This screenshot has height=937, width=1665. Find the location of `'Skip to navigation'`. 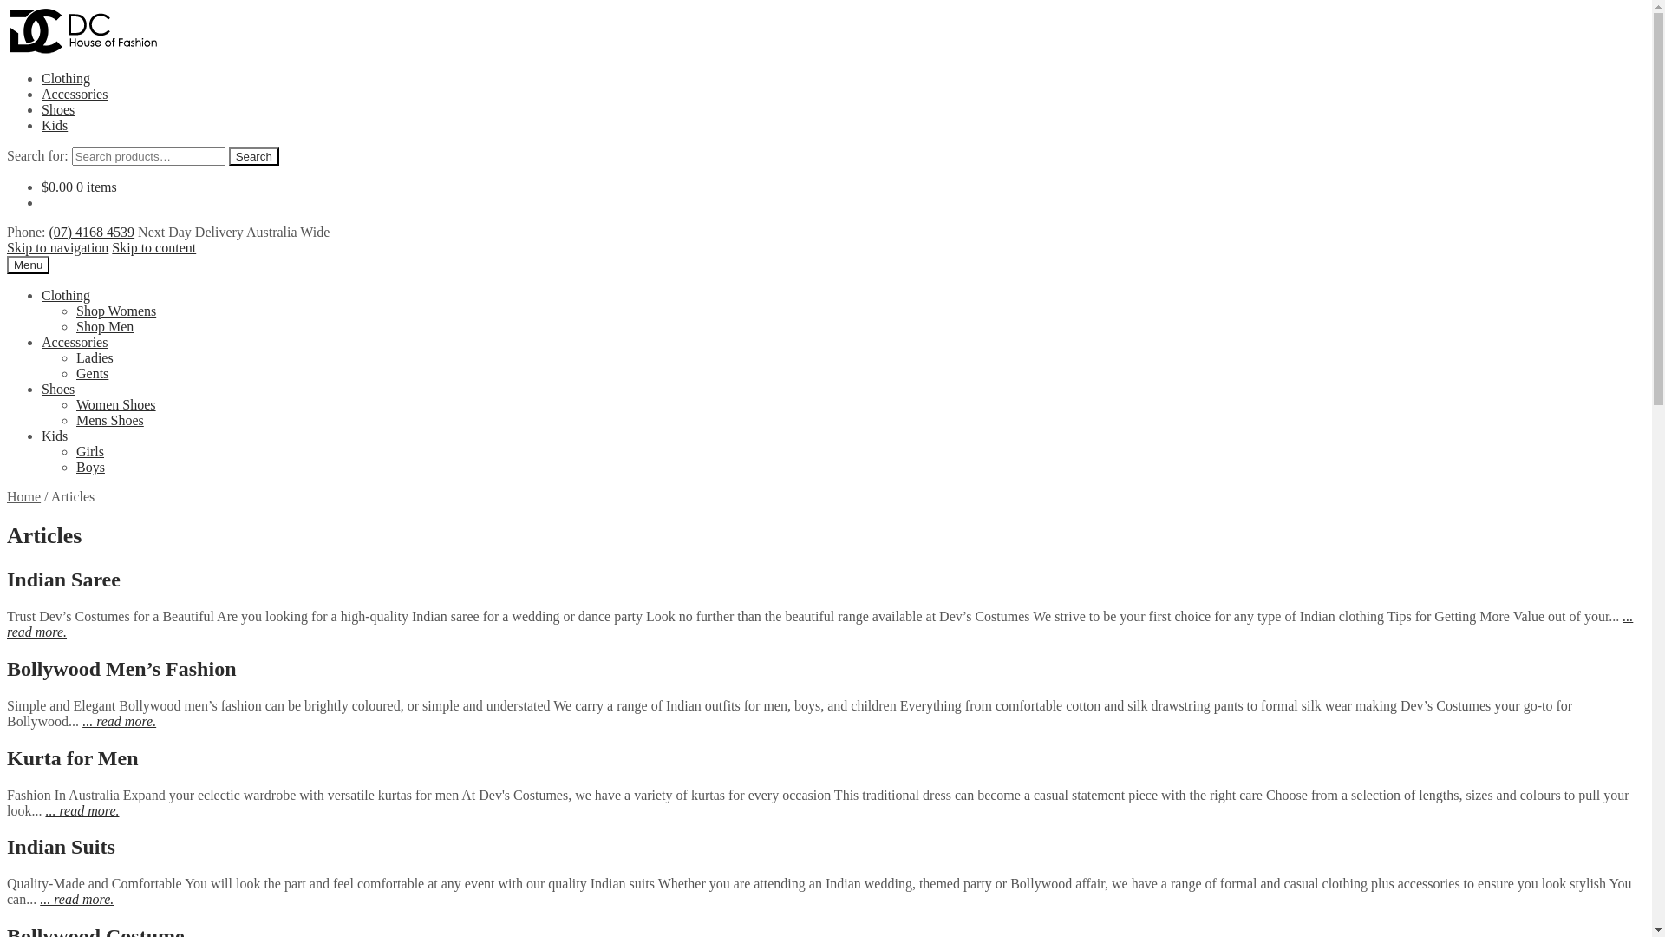

'Skip to navigation' is located at coordinates (7, 247).